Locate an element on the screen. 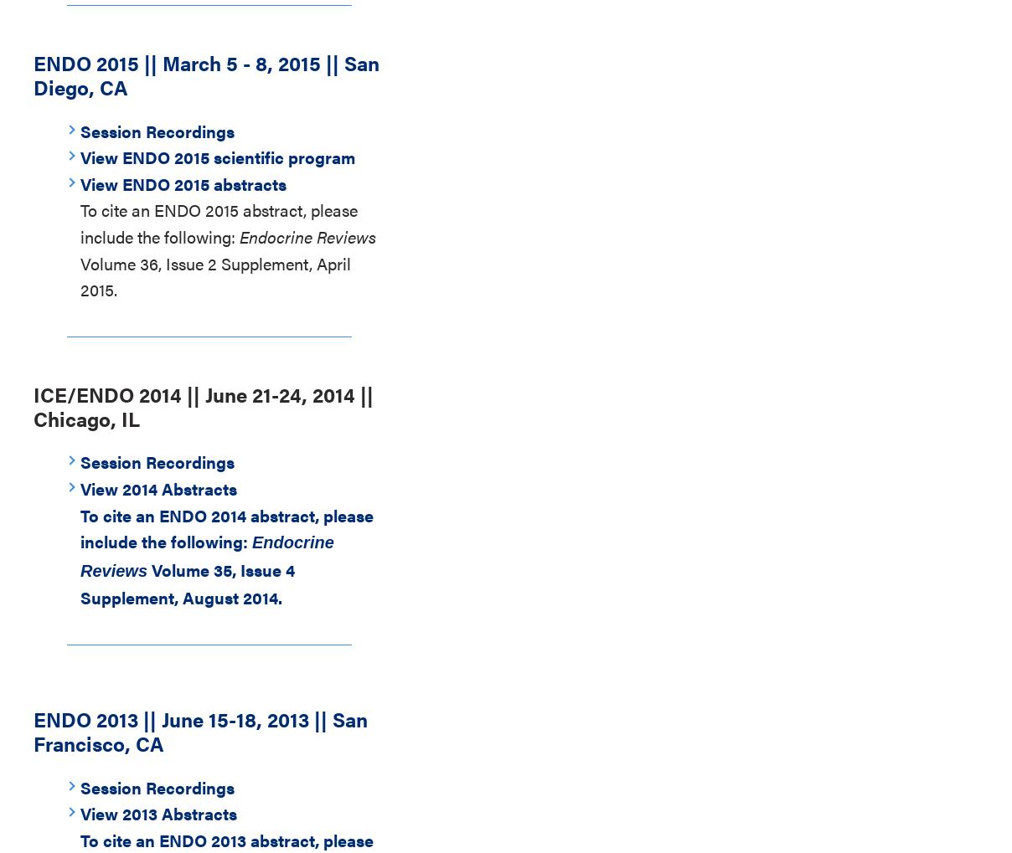 The image size is (1012, 853). 'Volume 35, Issue 4 Supplement, August 2014.' is located at coordinates (187, 583).